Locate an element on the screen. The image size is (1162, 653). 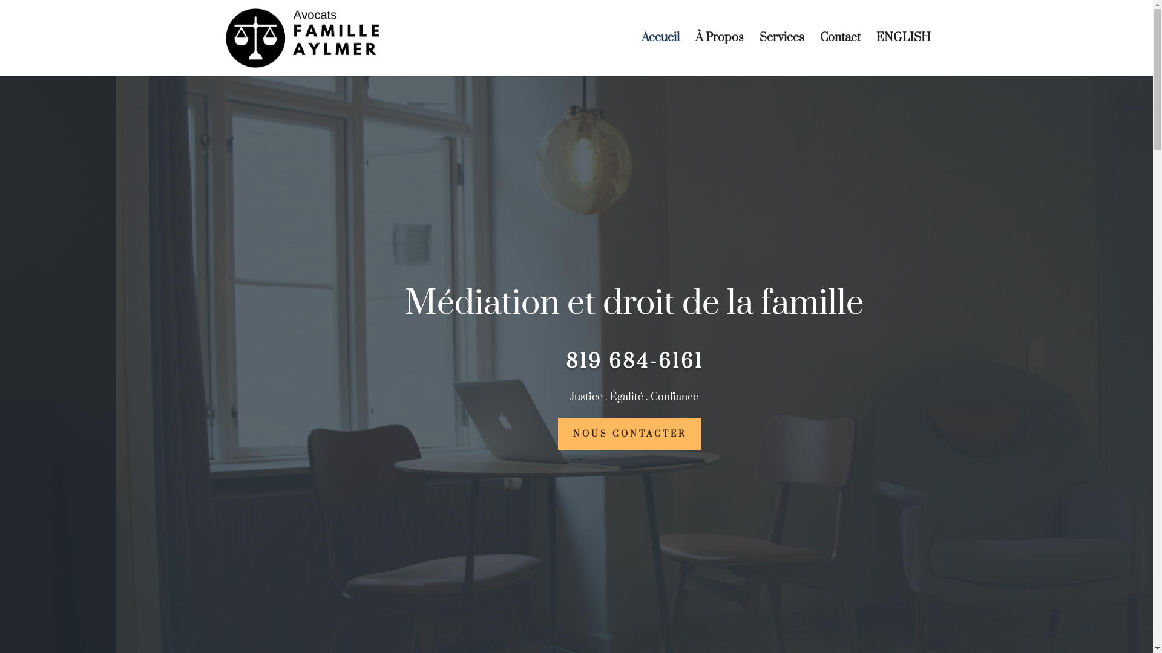
'ENGLISH' is located at coordinates (903, 55).